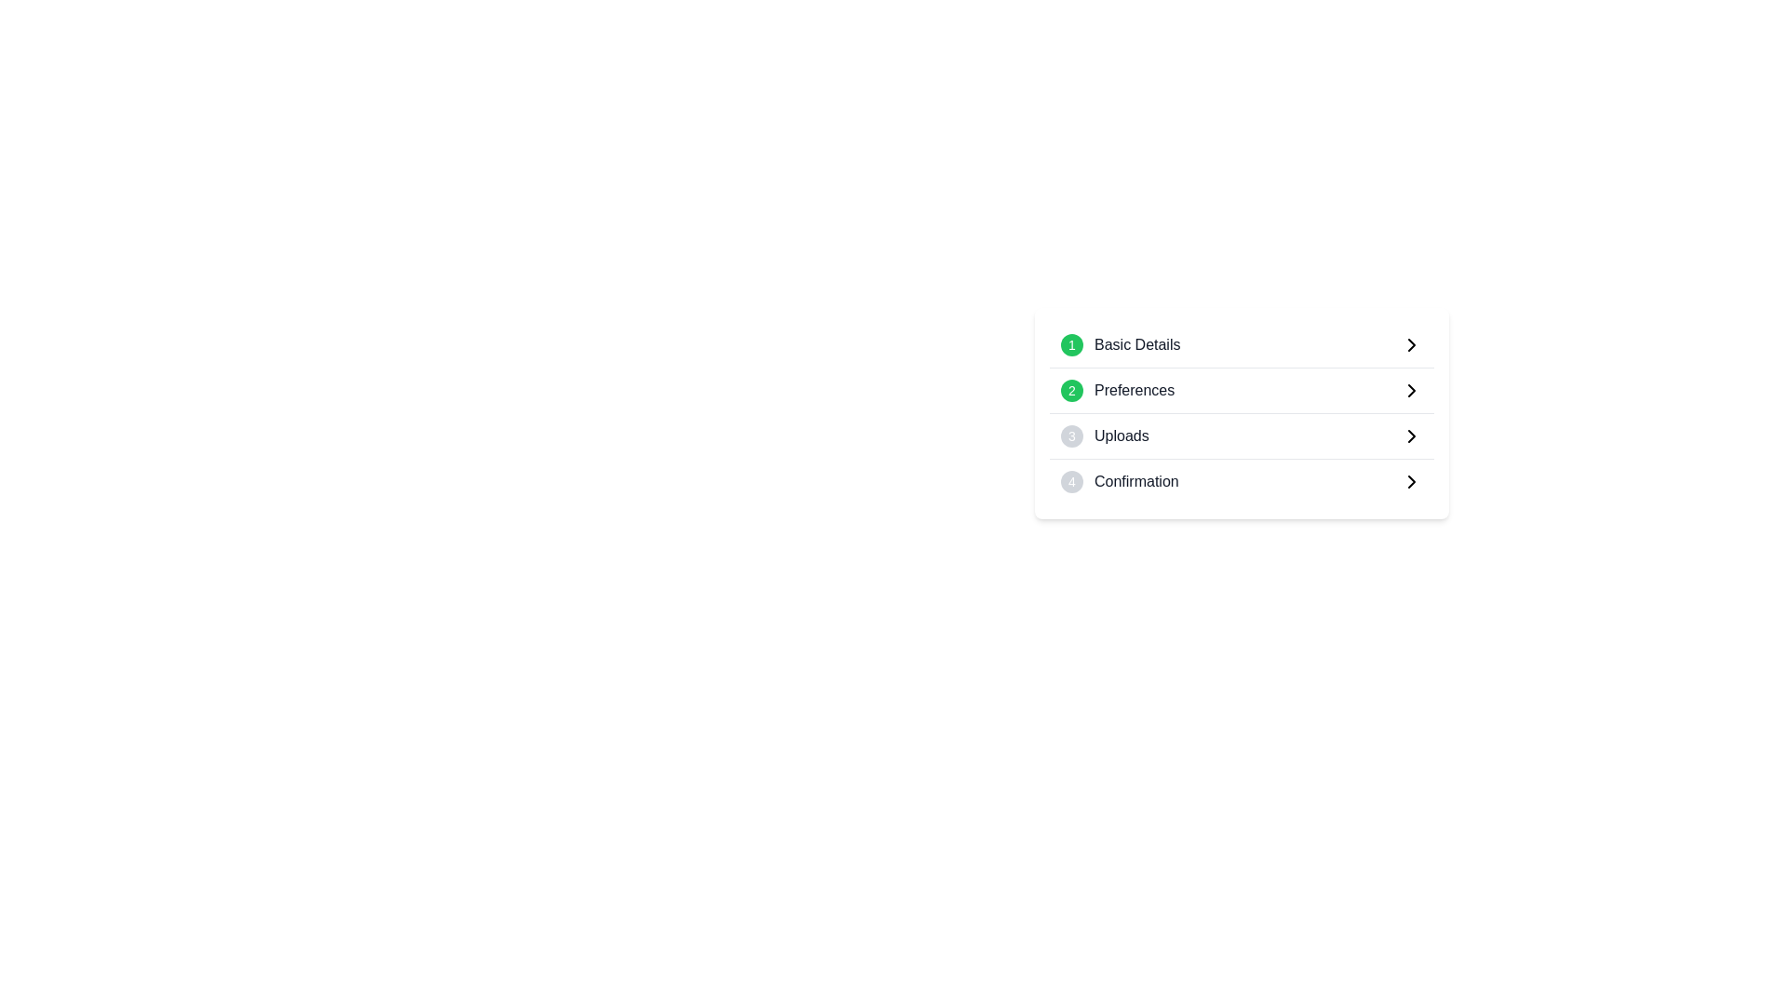 The width and height of the screenshot is (1787, 1005). I want to click on the Progress indicator step labeled 'Confirmation' with the number '4', which is the fourth item in the vertical list of steps, so click(1119, 480).